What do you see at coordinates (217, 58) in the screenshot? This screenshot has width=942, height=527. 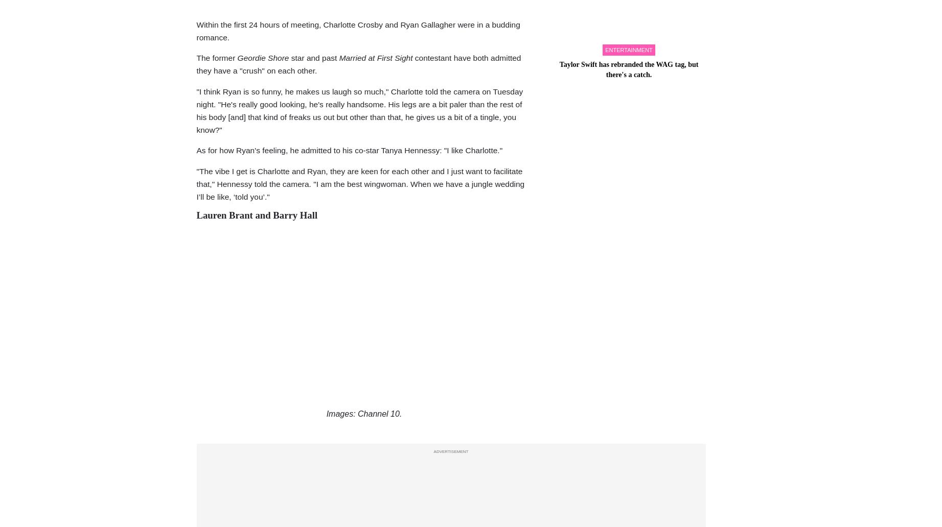 I see `'The former'` at bounding box center [217, 58].